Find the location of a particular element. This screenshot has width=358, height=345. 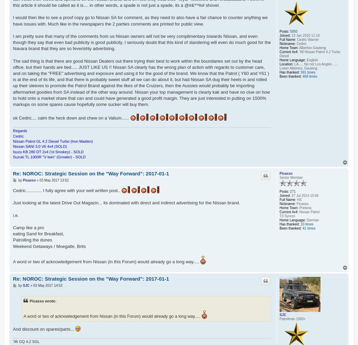

'ok Cedric.... calm the heck down and chew on a Valium......' is located at coordinates (13, 118).